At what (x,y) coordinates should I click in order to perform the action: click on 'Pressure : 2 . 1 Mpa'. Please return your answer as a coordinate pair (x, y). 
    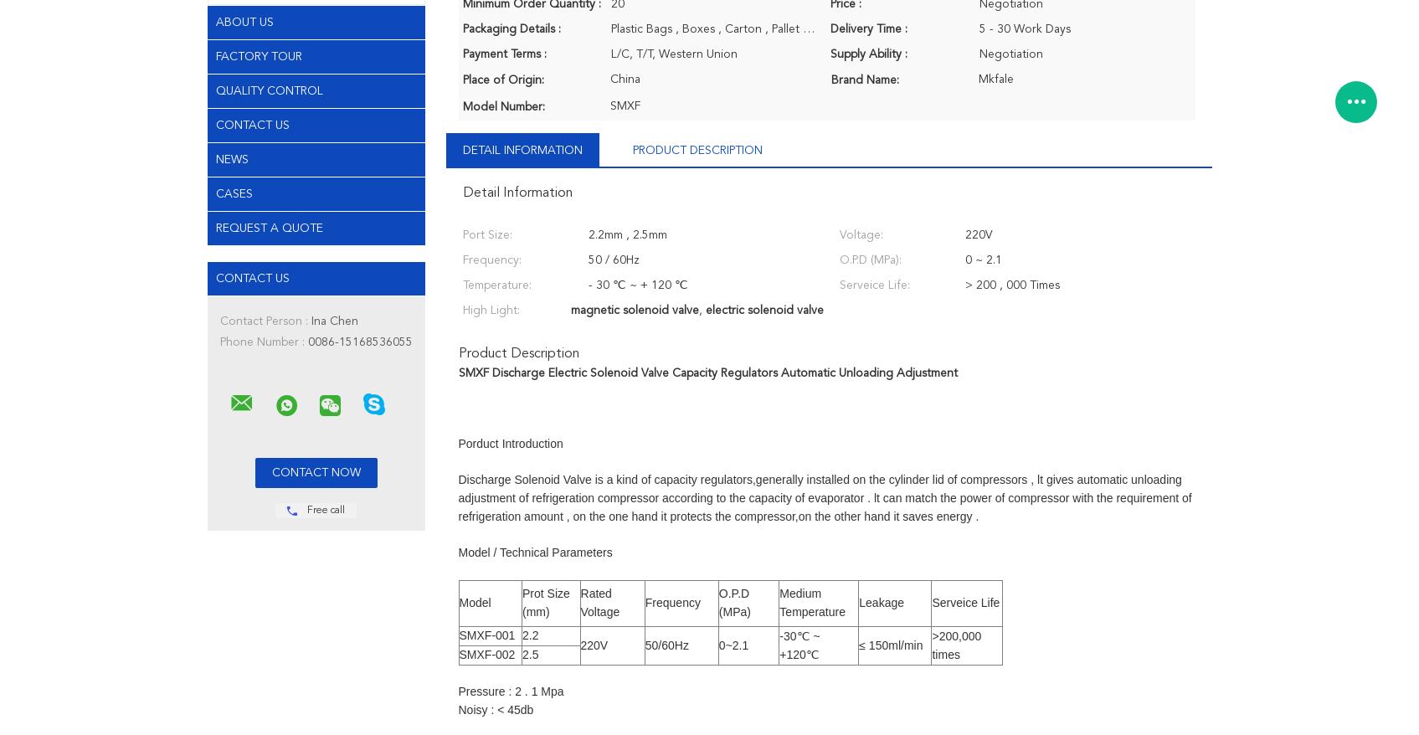
    Looking at the image, I should click on (457, 691).